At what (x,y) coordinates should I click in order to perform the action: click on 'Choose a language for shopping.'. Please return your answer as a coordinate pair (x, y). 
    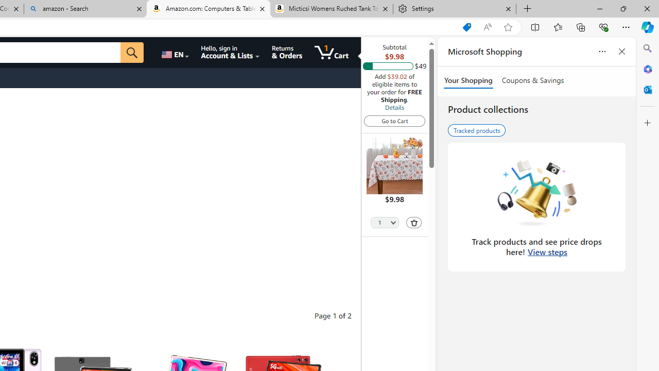
    Looking at the image, I should click on (175, 52).